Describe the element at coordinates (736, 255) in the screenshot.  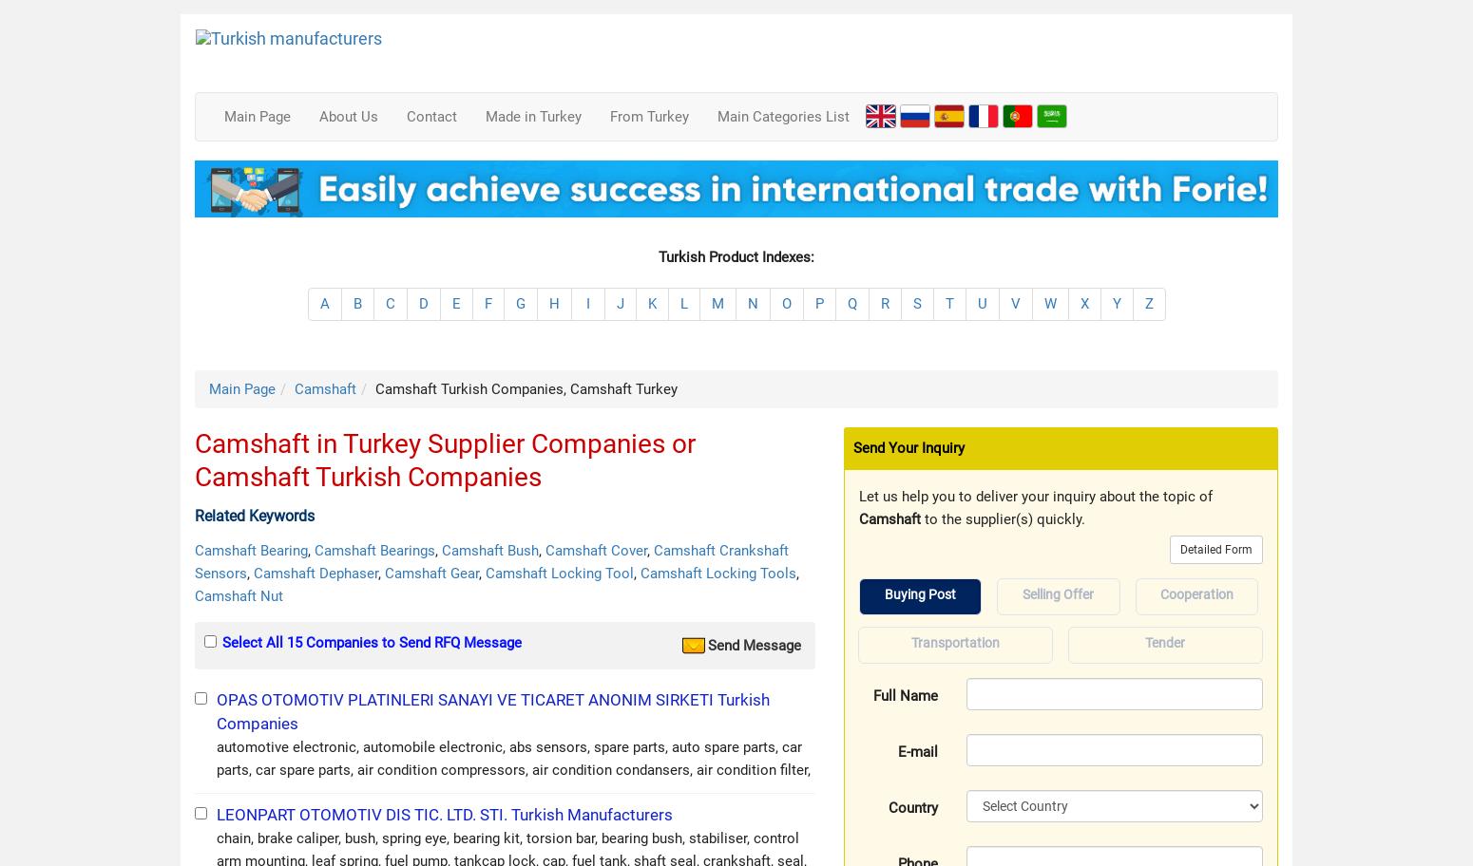
I see `'Turkish Product Indexes:'` at that location.